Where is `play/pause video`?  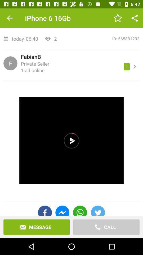 play/pause video is located at coordinates (71, 140).